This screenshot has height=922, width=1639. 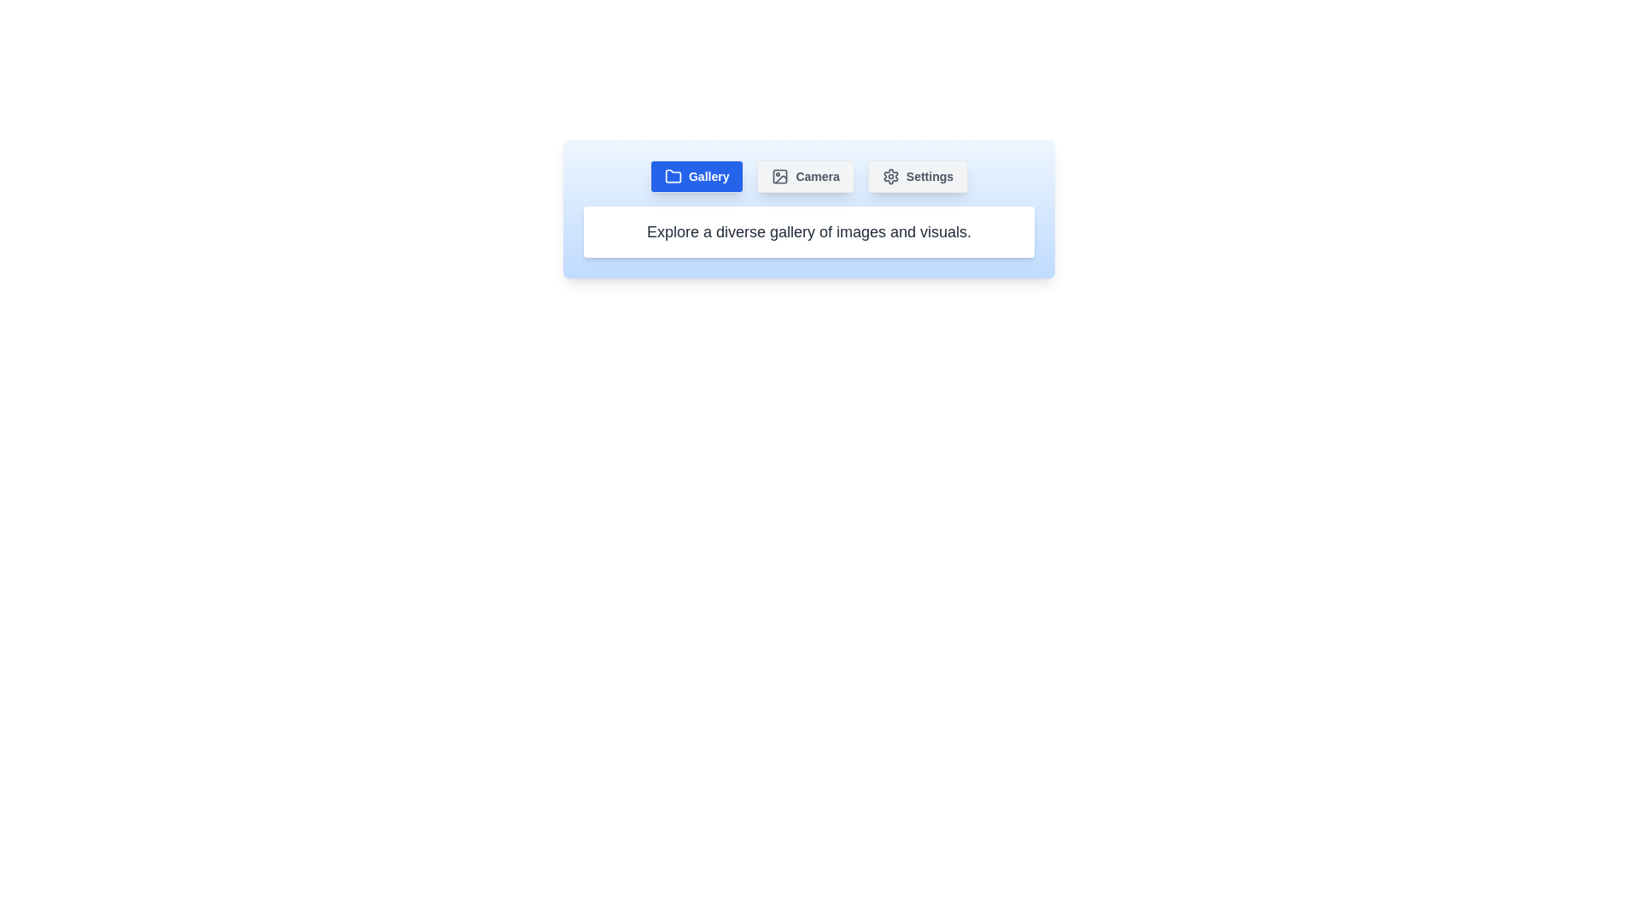 What do you see at coordinates (709, 177) in the screenshot?
I see `the text label inside the blue button at the top-left corner of the interface, which indicates the button's purpose of navigating to or displaying a gallery` at bounding box center [709, 177].